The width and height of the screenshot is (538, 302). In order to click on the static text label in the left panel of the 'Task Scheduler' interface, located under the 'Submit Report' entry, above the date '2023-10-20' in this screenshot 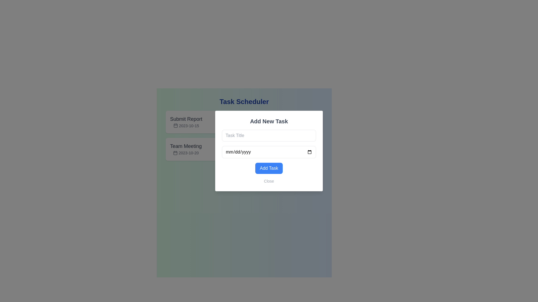, I will do `click(186, 146)`.